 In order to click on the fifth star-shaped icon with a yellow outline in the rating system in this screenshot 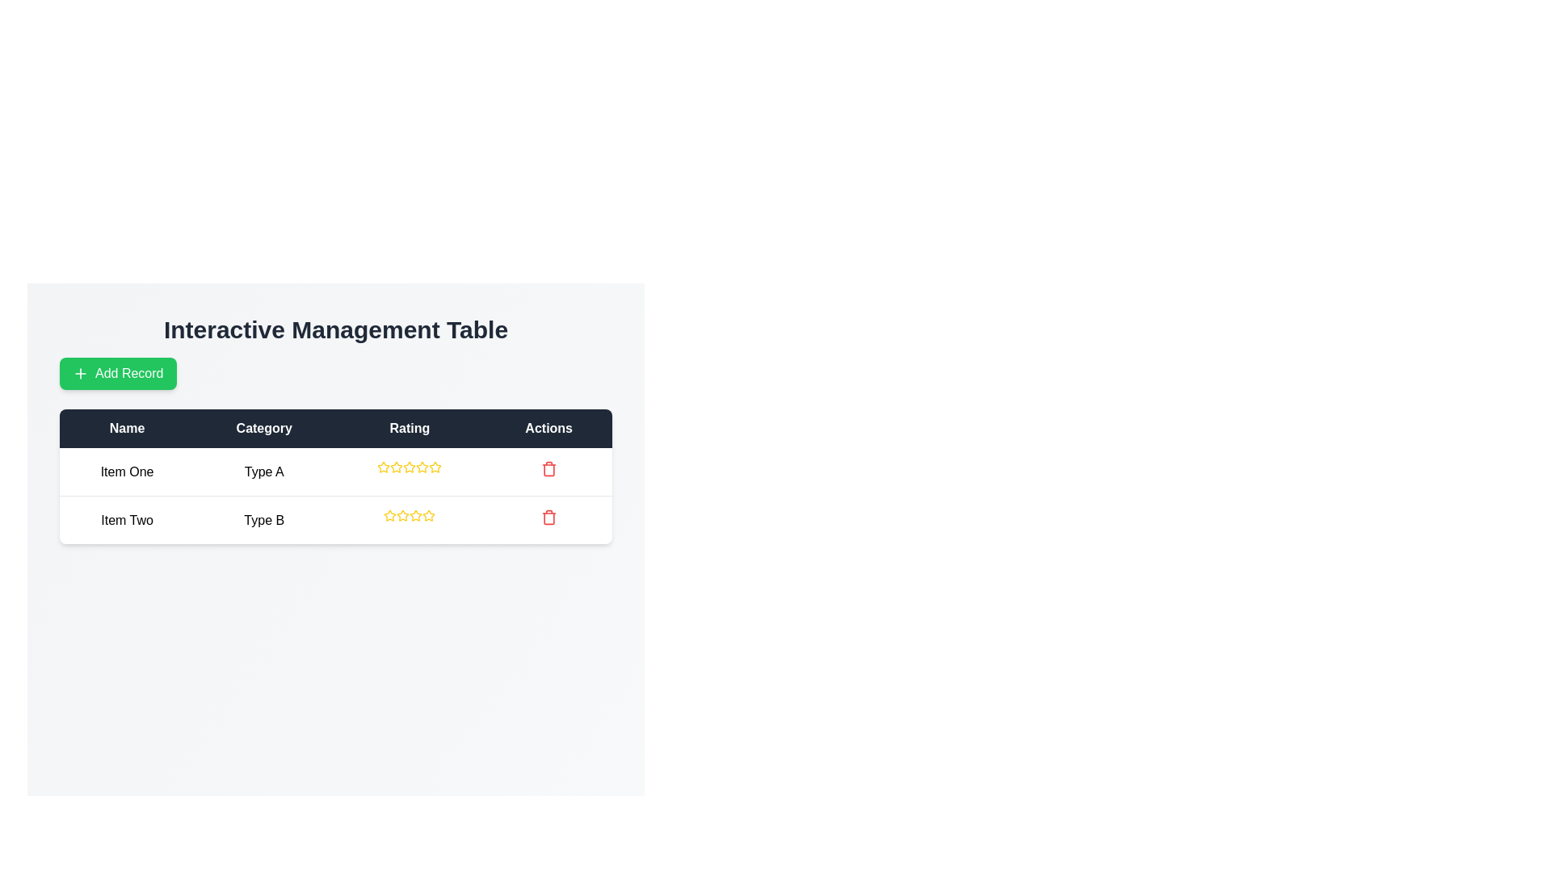, I will do `click(429, 516)`.